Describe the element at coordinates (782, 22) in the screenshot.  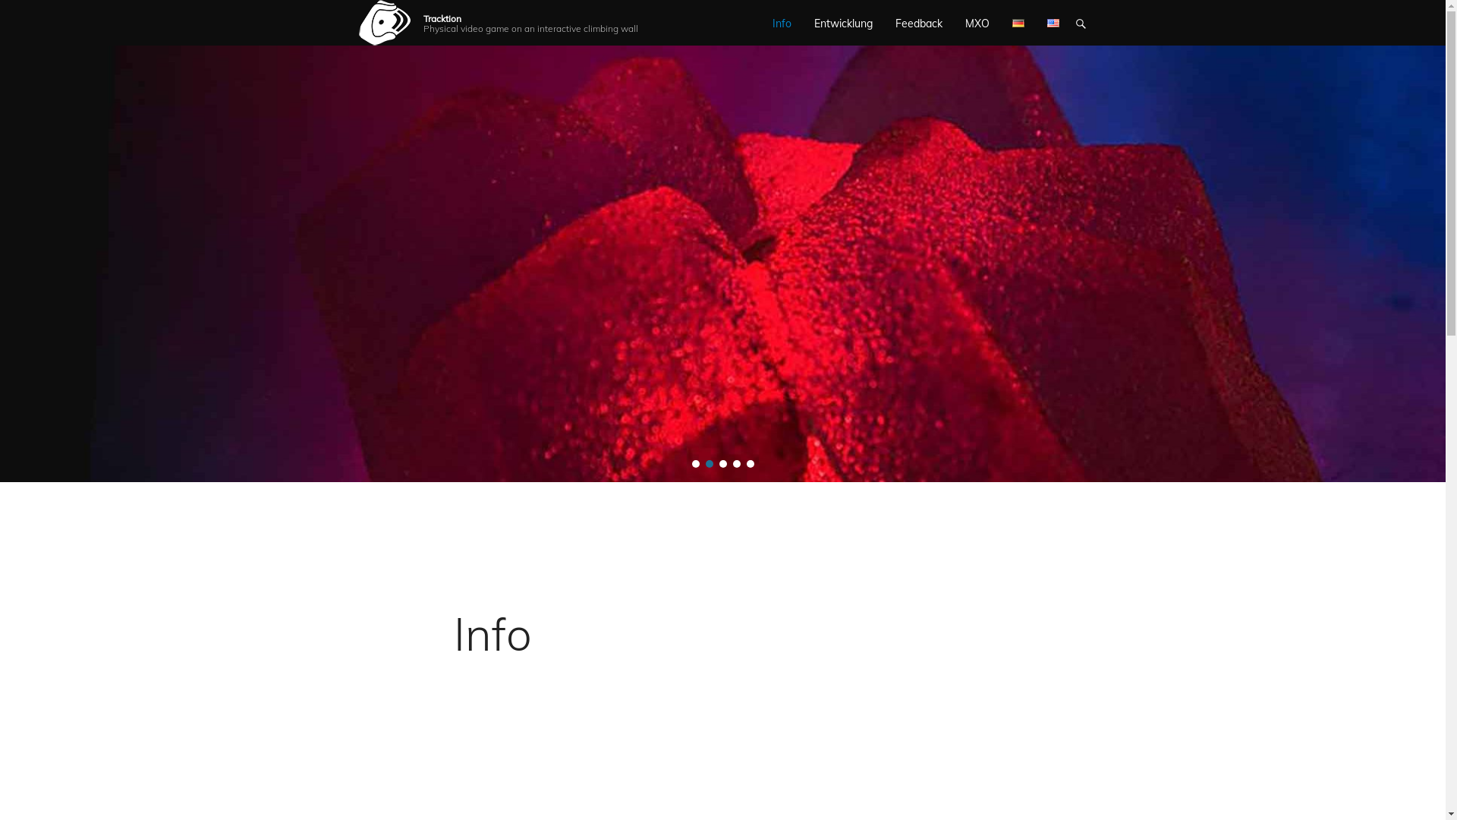
I see `'Info'` at that location.